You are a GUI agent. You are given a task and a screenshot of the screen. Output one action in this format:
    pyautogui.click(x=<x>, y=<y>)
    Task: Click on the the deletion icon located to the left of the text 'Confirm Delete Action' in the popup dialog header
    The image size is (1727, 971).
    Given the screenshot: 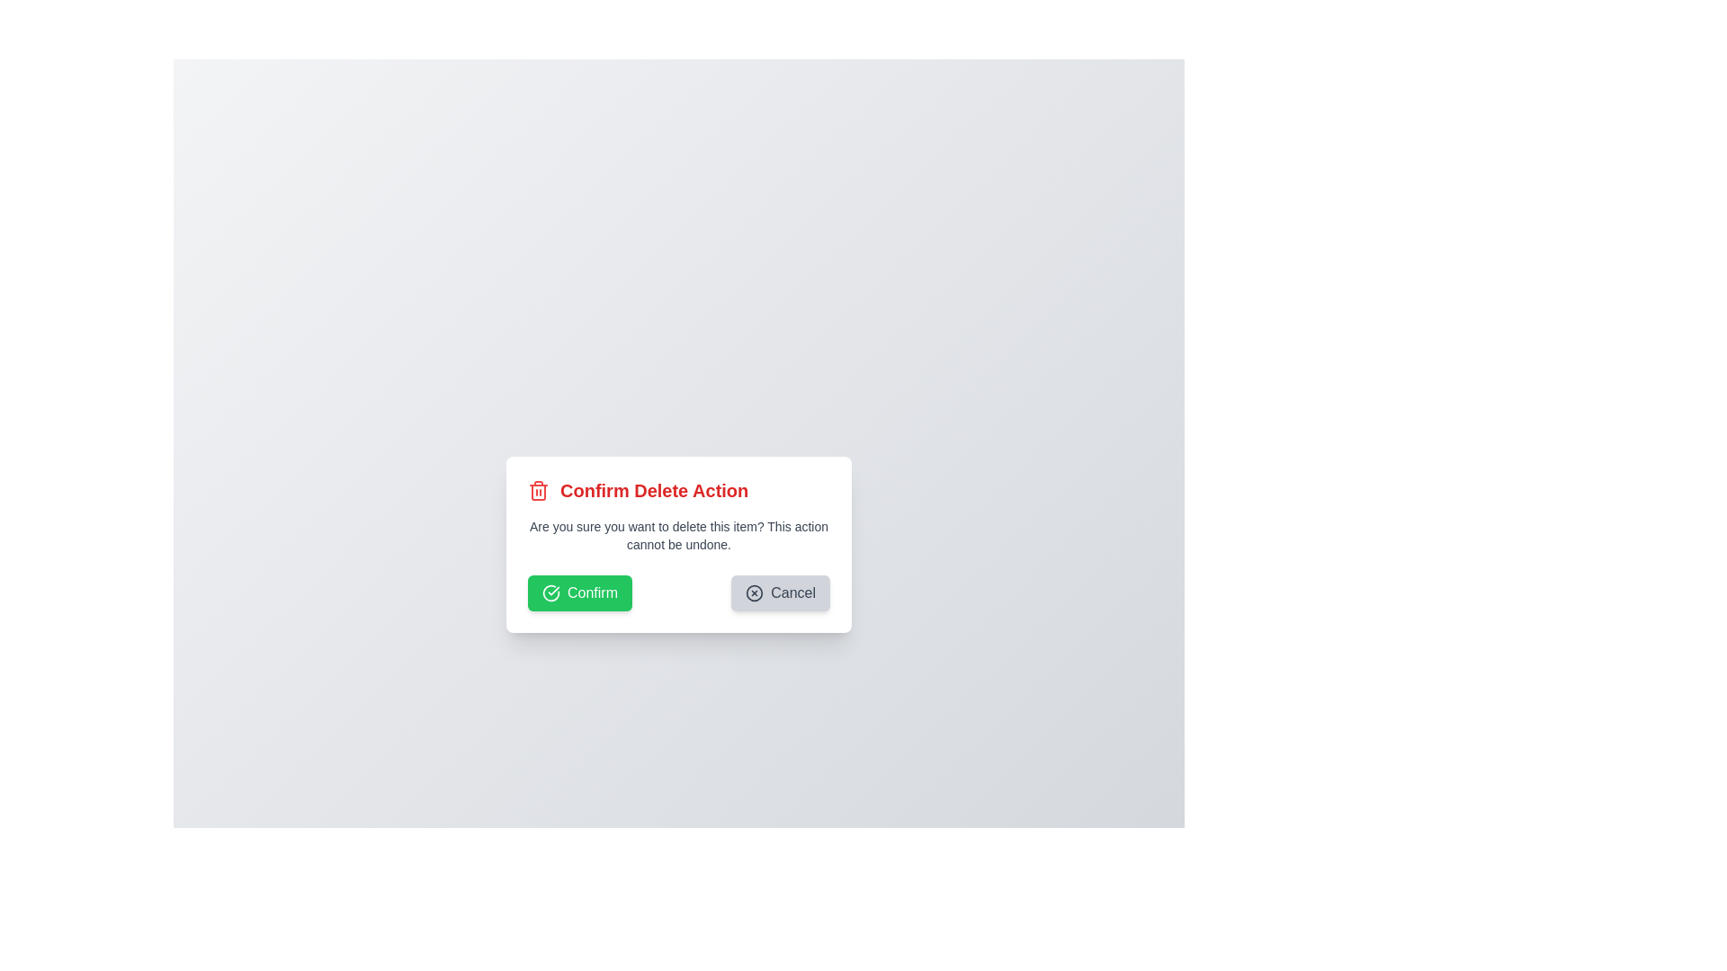 What is the action you would take?
    pyautogui.click(x=538, y=491)
    